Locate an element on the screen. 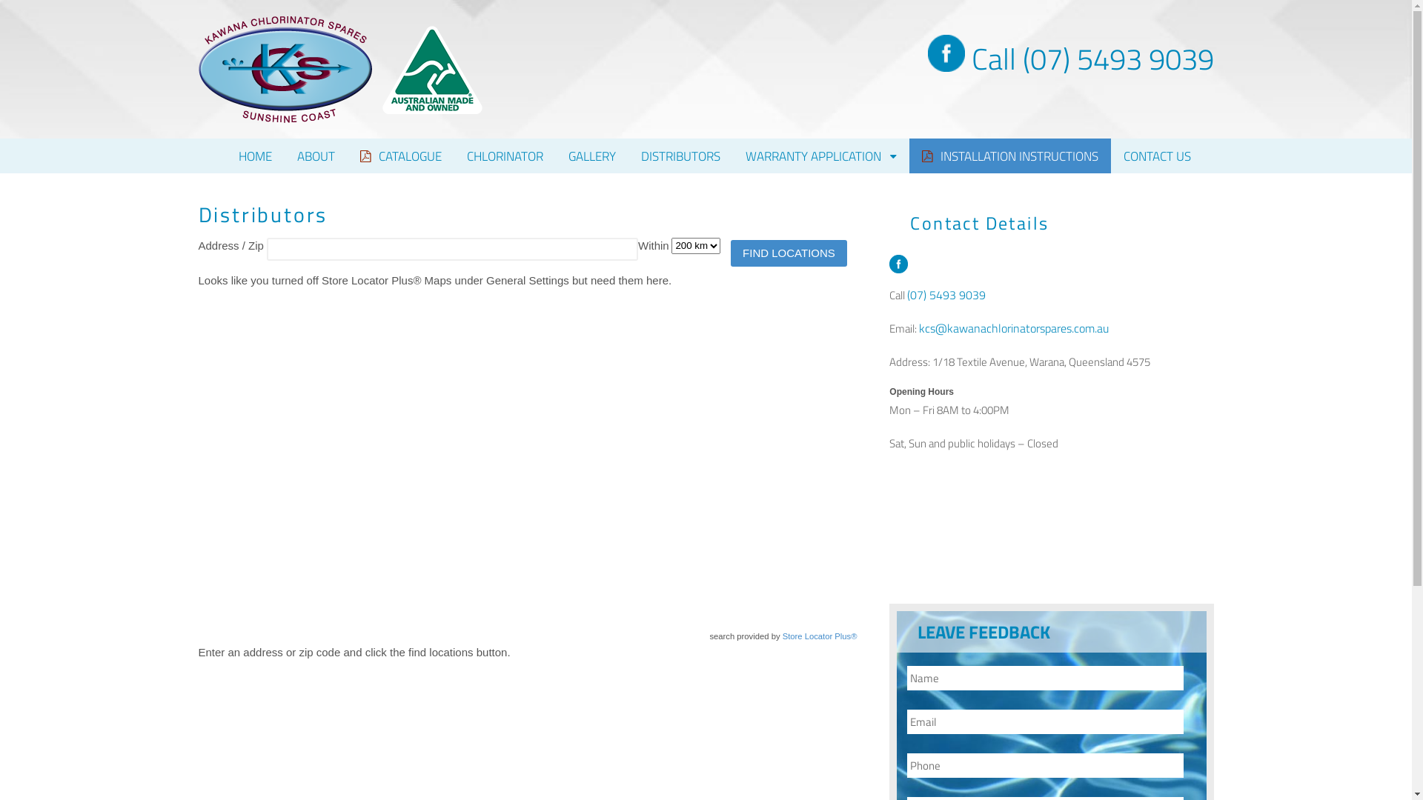 Image resolution: width=1423 pixels, height=800 pixels. 'Find Locations' is located at coordinates (730, 253).